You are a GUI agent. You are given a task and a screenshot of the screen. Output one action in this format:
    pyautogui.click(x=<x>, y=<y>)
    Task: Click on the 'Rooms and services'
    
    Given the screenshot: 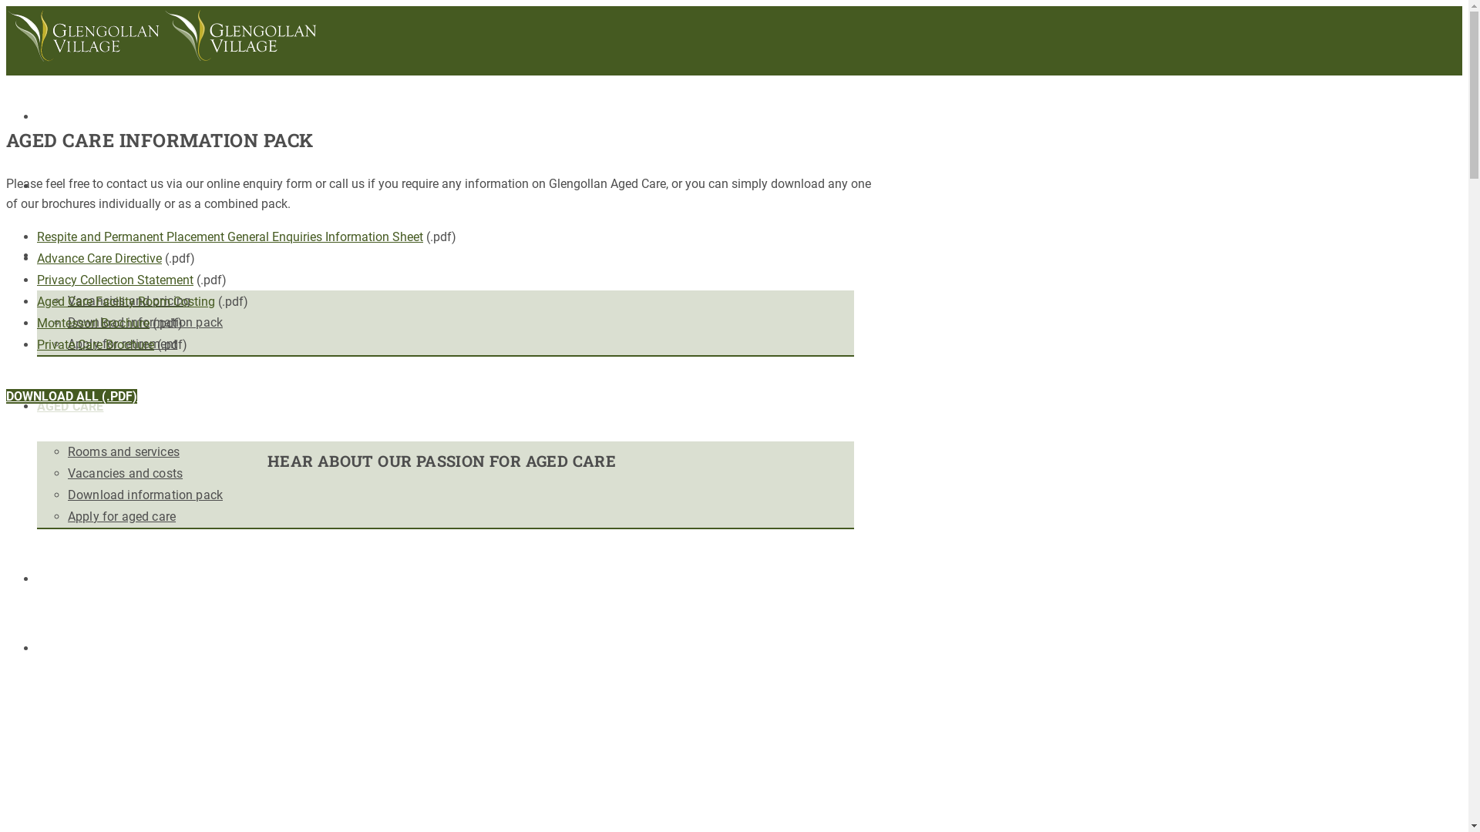 What is the action you would take?
    pyautogui.click(x=123, y=451)
    